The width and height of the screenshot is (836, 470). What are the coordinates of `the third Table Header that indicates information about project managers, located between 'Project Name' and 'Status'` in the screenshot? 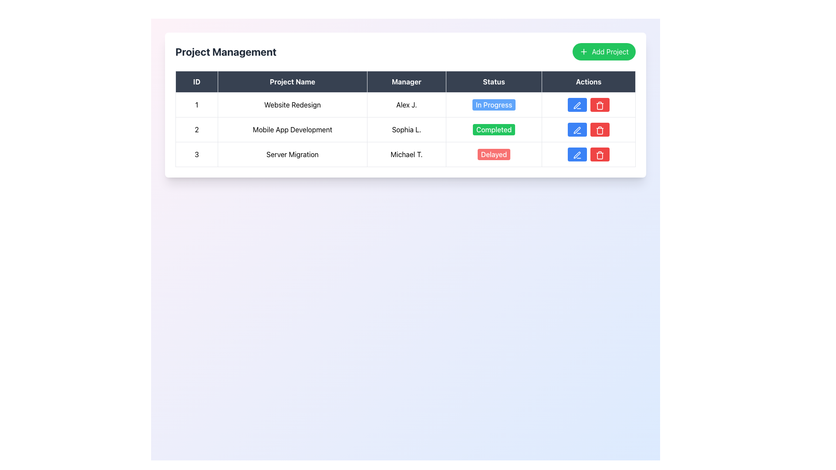 It's located at (406, 82).